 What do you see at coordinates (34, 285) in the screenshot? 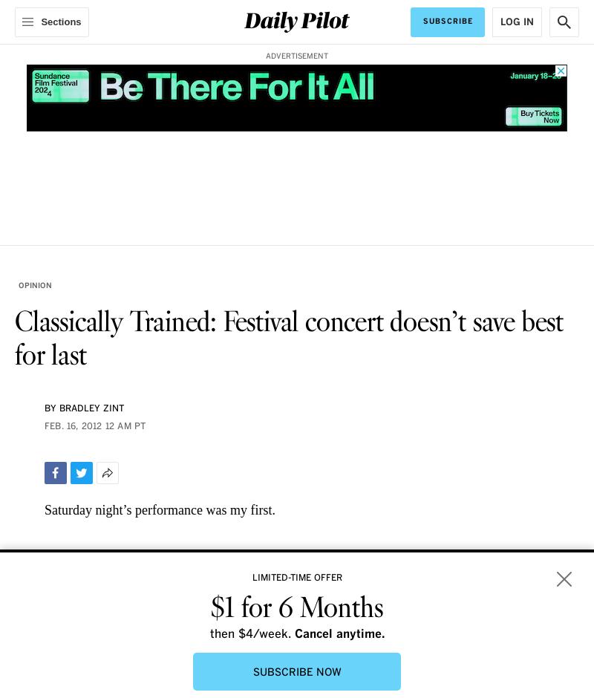
I see `'Opinion'` at bounding box center [34, 285].